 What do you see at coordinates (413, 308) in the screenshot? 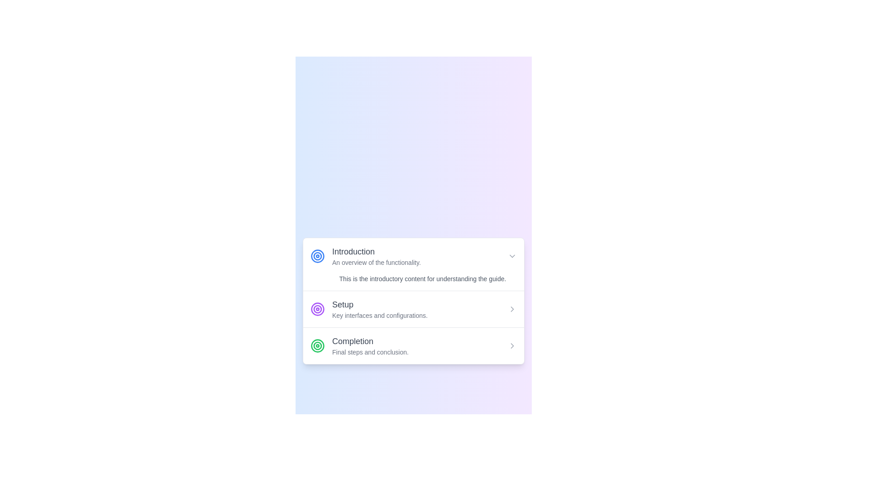
I see `the second list item that leads to the 'Setup' functionality` at bounding box center [413, 308].